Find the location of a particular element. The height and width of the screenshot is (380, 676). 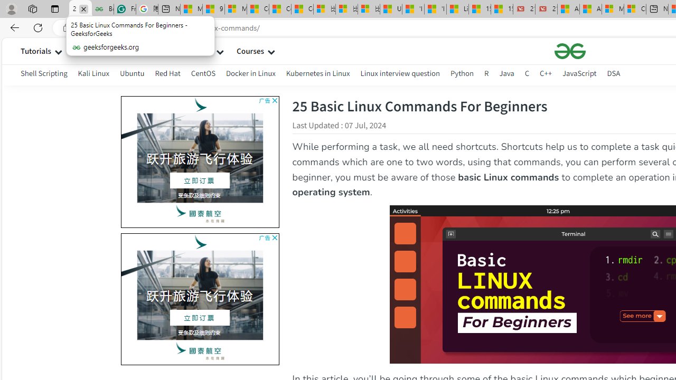

'USA TODAY - MSN' is located at coordinates (390, 9).